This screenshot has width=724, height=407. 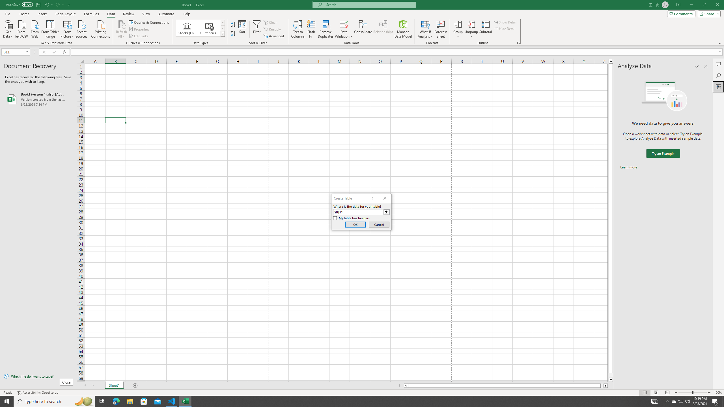 What do you see at coordinates (166, 14) in the screenshot?
I see `'Automate'` at bounding box center [166, 14].